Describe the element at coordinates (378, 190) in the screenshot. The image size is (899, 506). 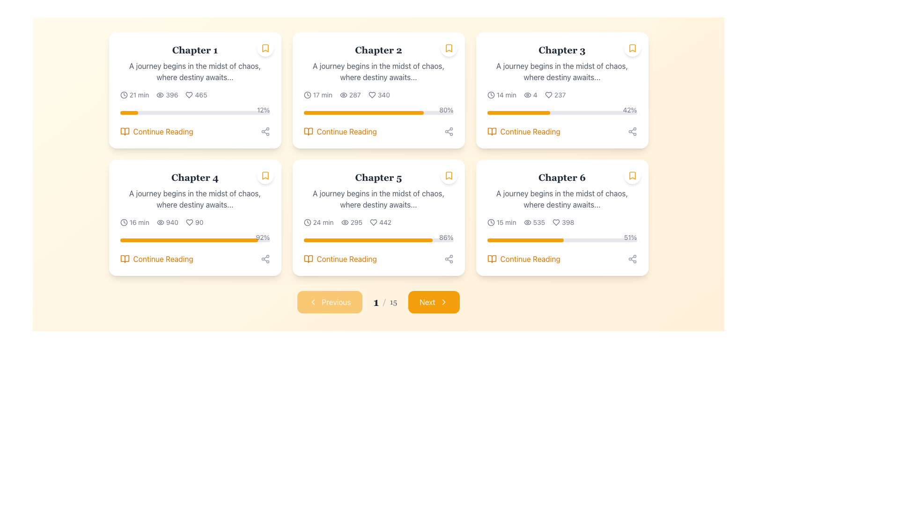
I see `the text block that serves as the title and description of Chapter 5, which is the primary visual focus of the card located in the second row and second column of the grid` at that location.